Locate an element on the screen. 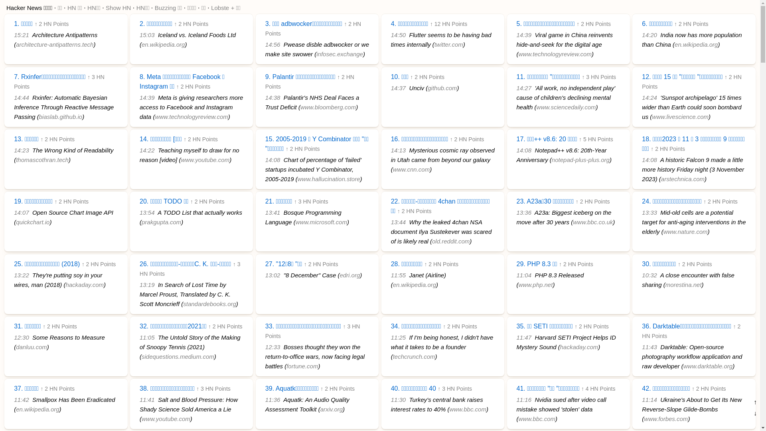 The width and height of the screenshot is (766, 431). 'www.sciencedaily.com' is located at coordinates (566, 107).